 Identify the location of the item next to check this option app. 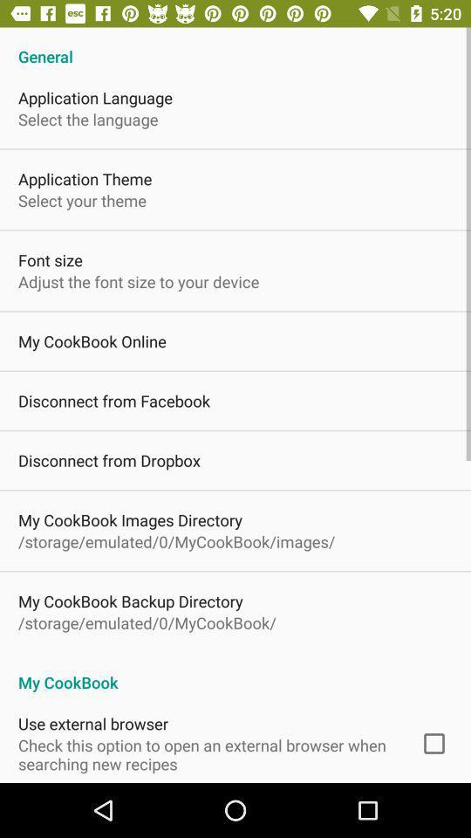
(433, 743).